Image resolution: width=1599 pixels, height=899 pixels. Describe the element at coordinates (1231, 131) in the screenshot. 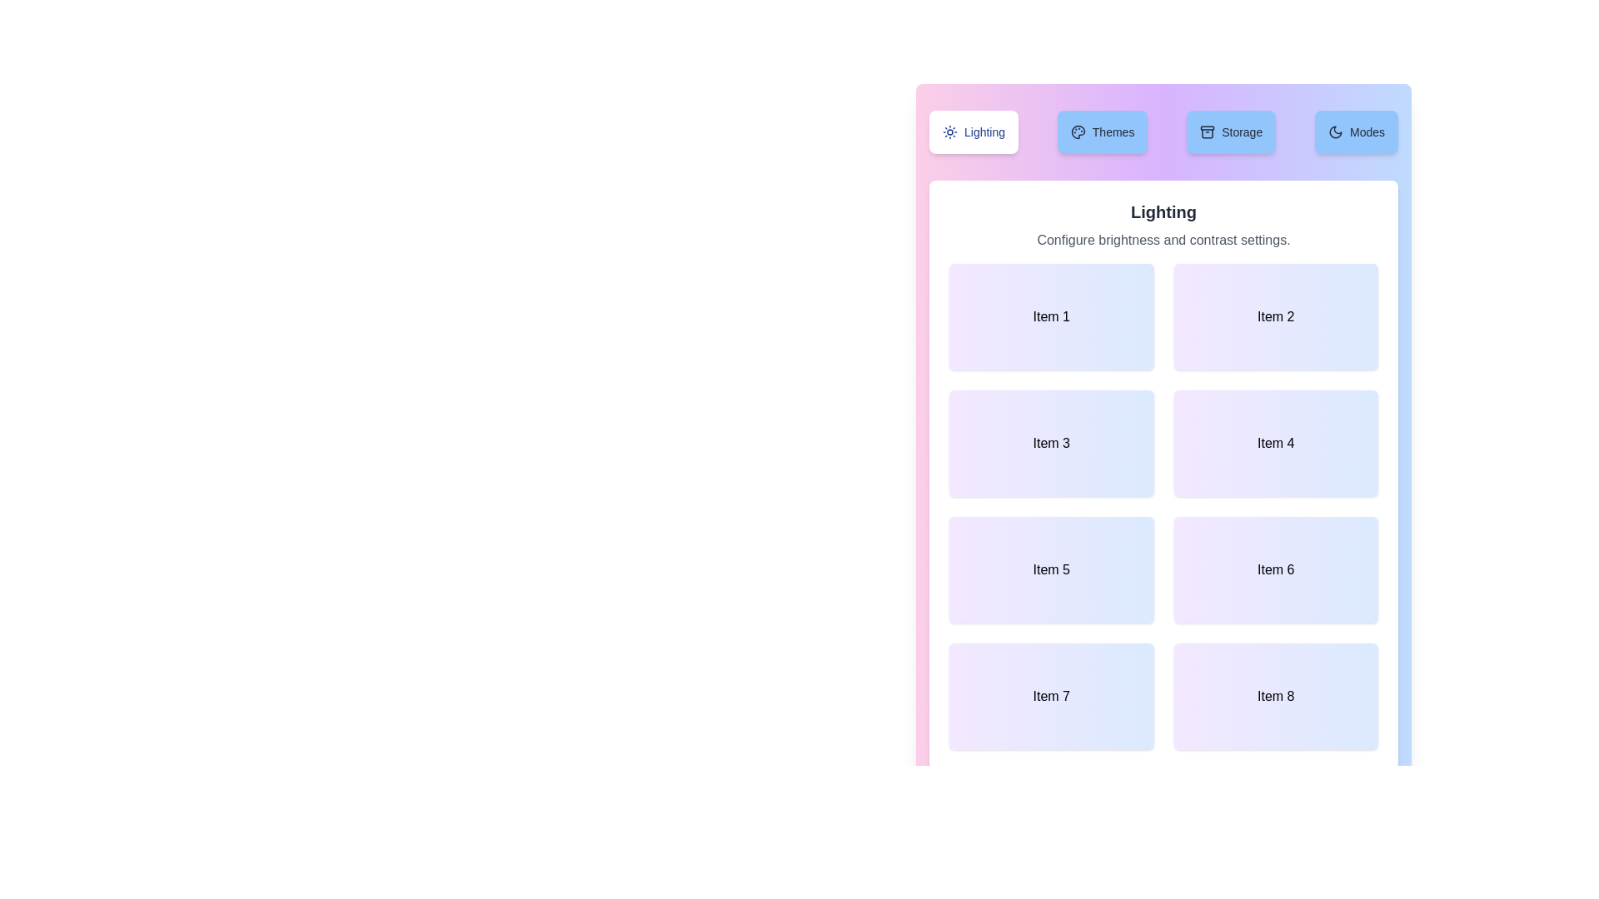

I see `the tab labeled Storage` at that location.